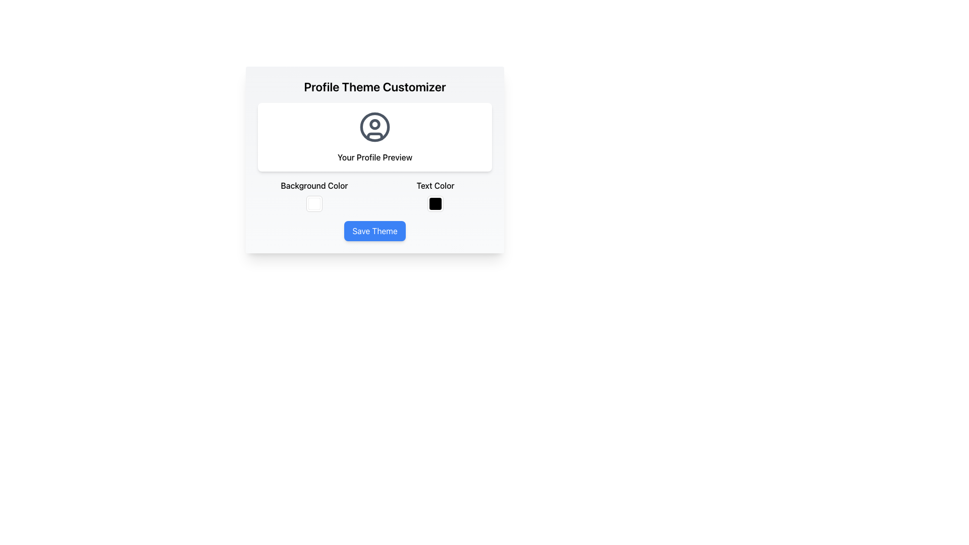 This screenshot has height=545, width=969. I want to click on the user profile icon, which is a circular SVG shape located within the profile preview section, above the 'Your Profile Preview' label, so click(374, 126).